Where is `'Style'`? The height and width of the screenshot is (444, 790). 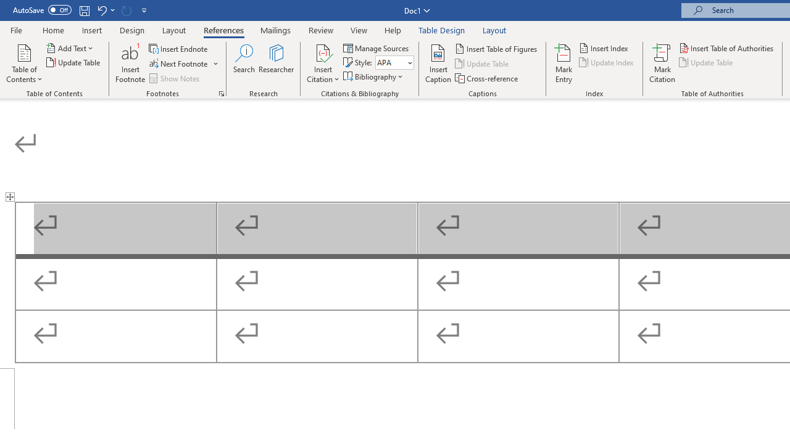
'Style' is located at coordinates (389, 62).